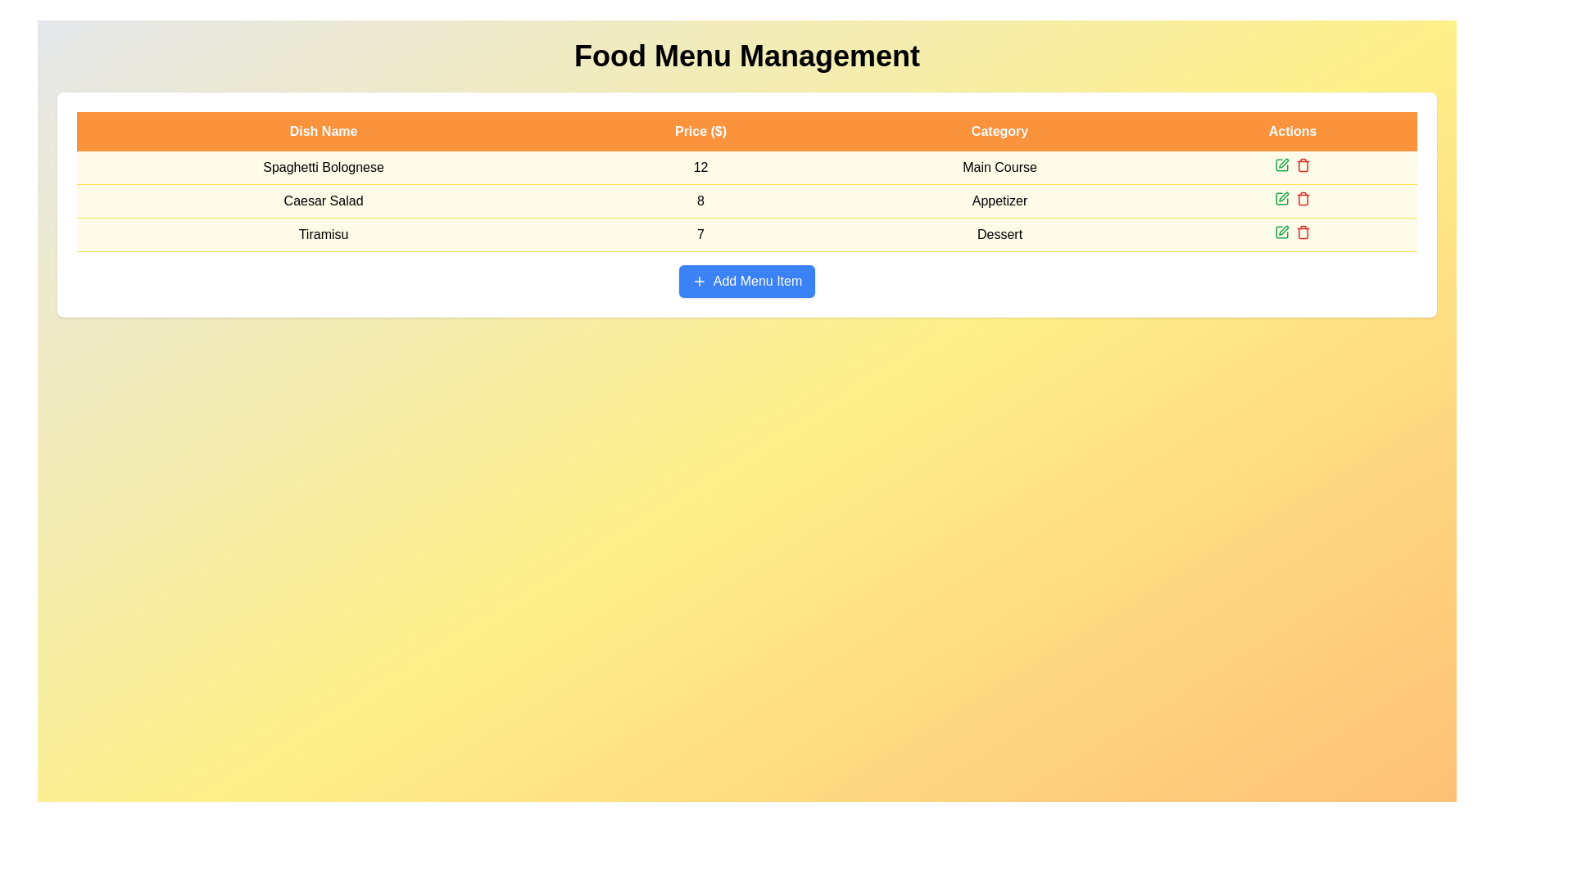  I want to click on the text label displaying the digit '8' in the 'Price ($)' column for the item 'Caesar Salad' in the second row of the table, so click(700, 201).